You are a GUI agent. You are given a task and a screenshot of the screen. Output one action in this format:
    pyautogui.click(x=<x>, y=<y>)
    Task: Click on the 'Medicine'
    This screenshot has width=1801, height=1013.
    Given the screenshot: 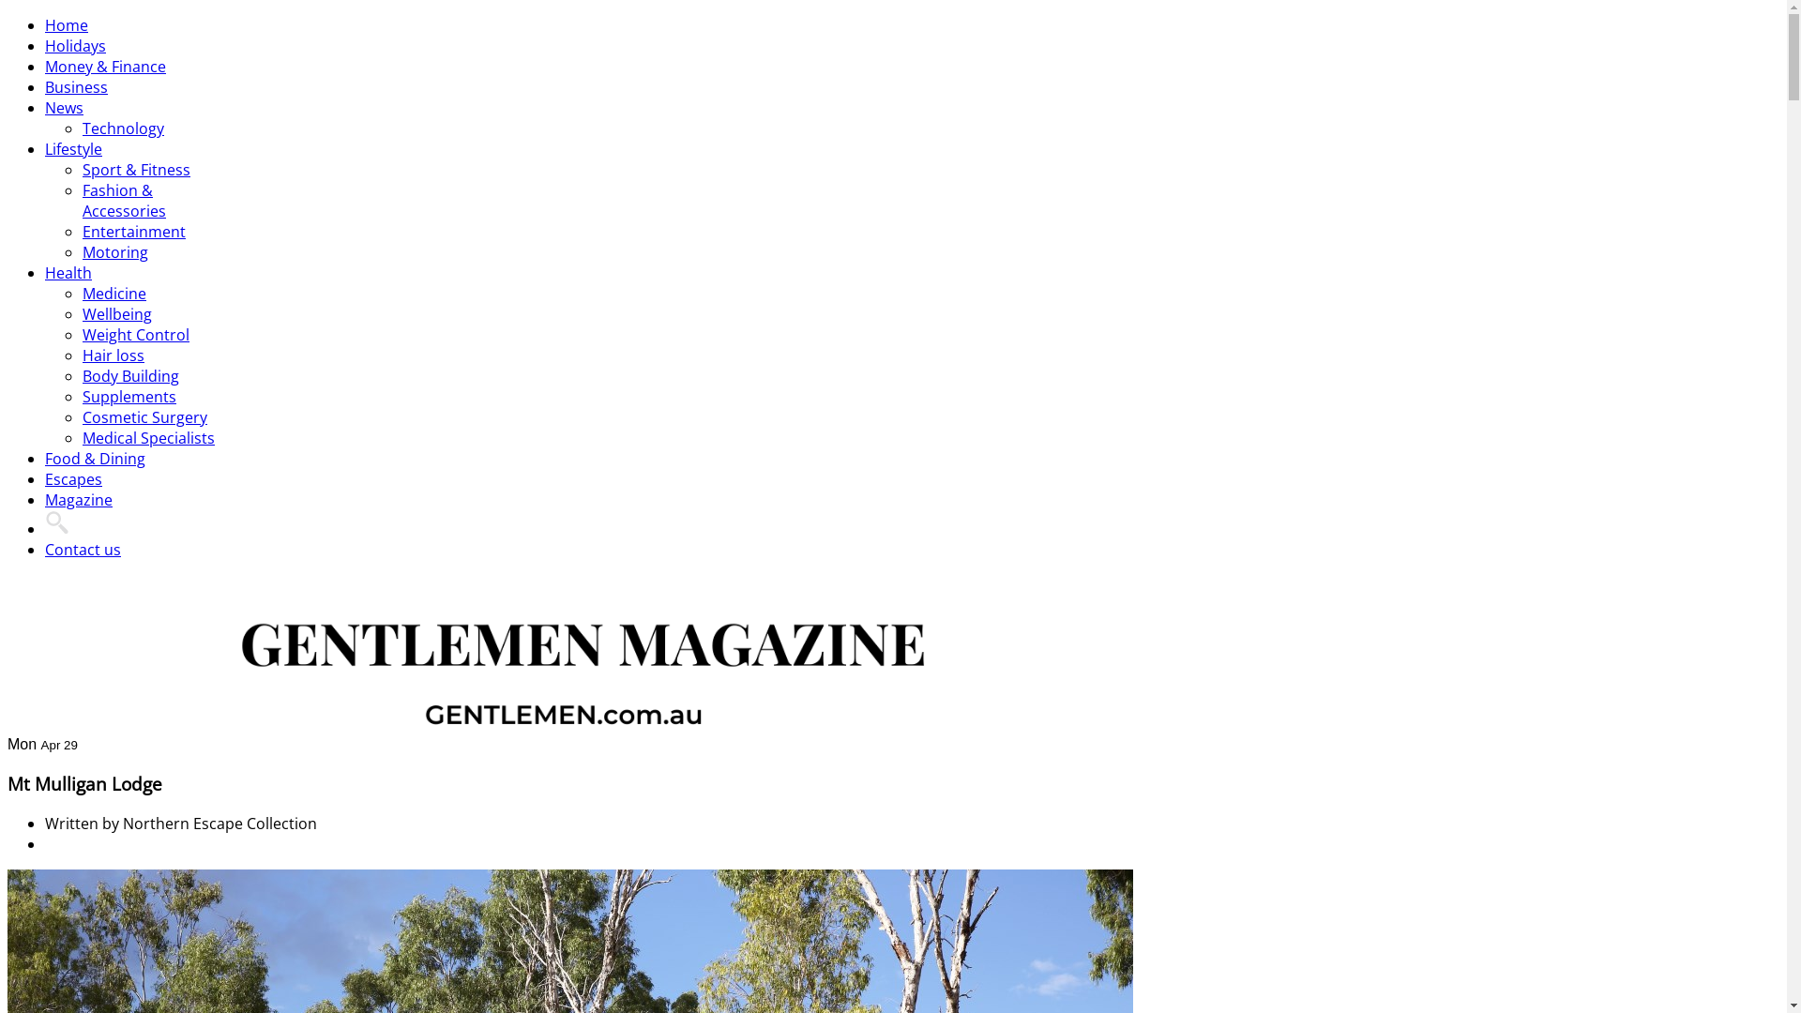 What is the action you would take?
    pyautogui.click(x=113, y=293)
    